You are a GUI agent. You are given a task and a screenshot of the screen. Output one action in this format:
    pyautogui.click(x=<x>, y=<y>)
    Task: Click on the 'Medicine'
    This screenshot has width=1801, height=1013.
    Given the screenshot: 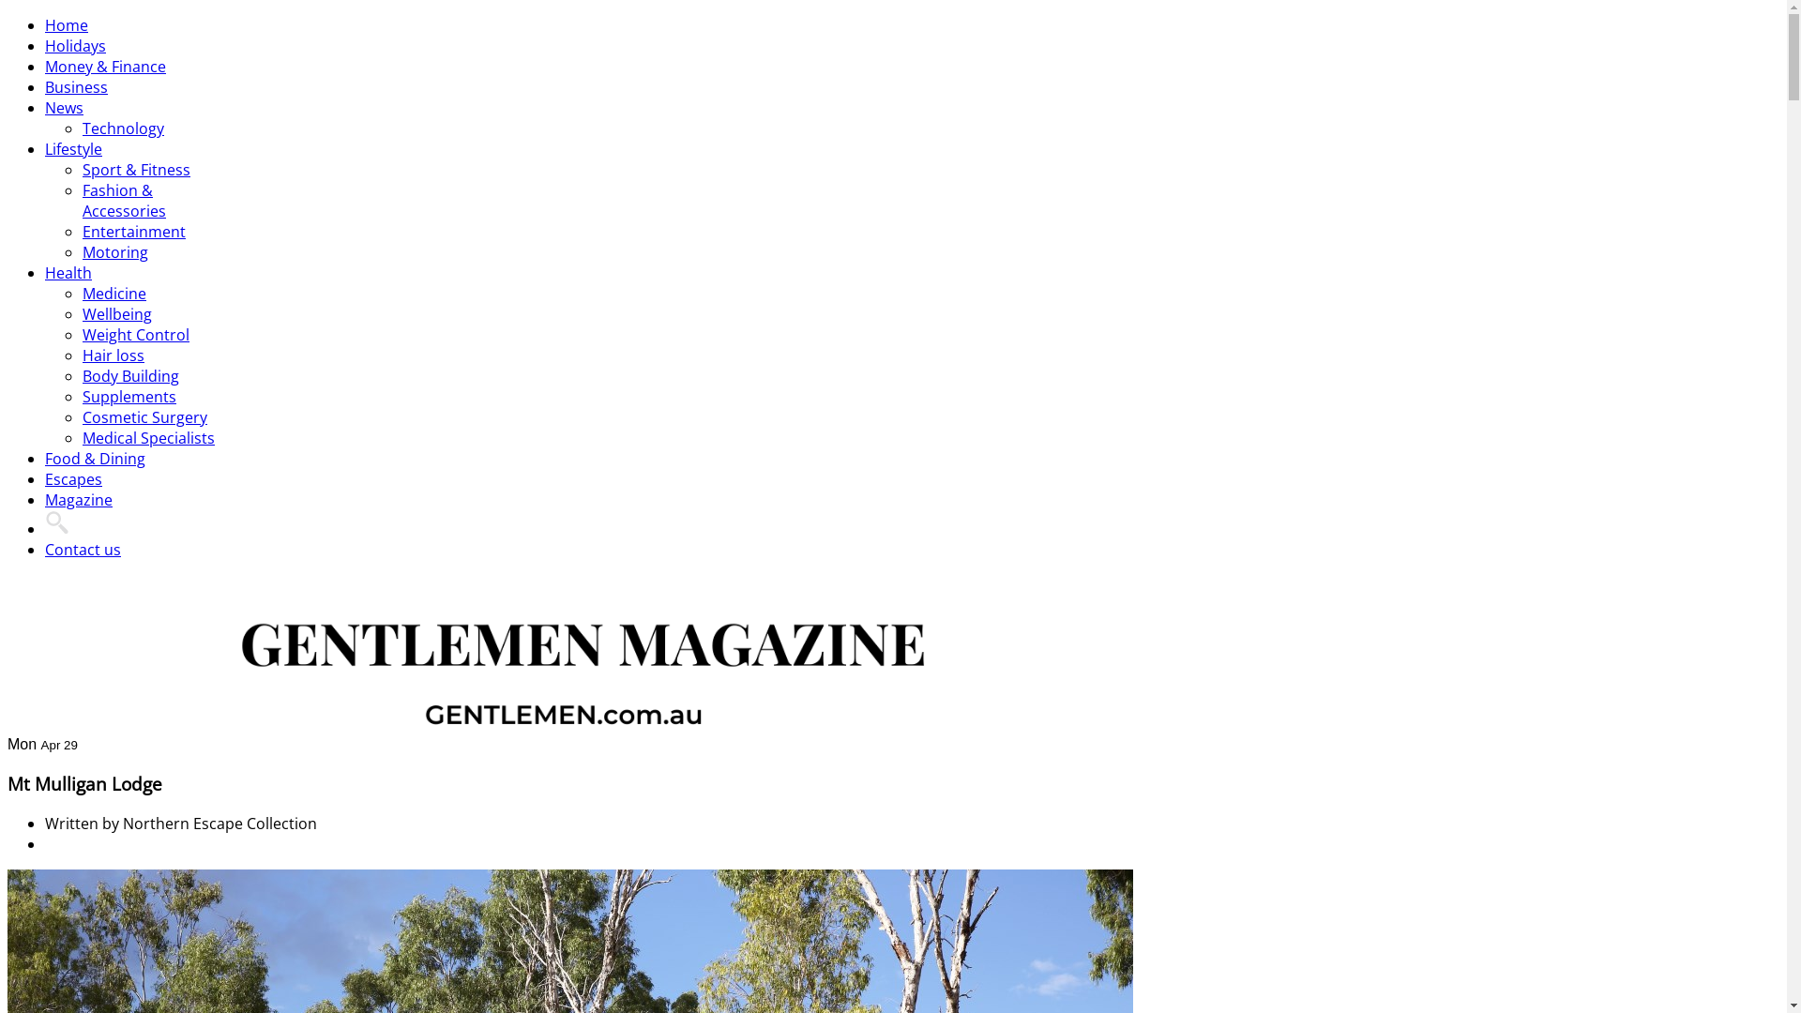 What is the action you would take?
    pyautogui.click(x=113, y=293)
    